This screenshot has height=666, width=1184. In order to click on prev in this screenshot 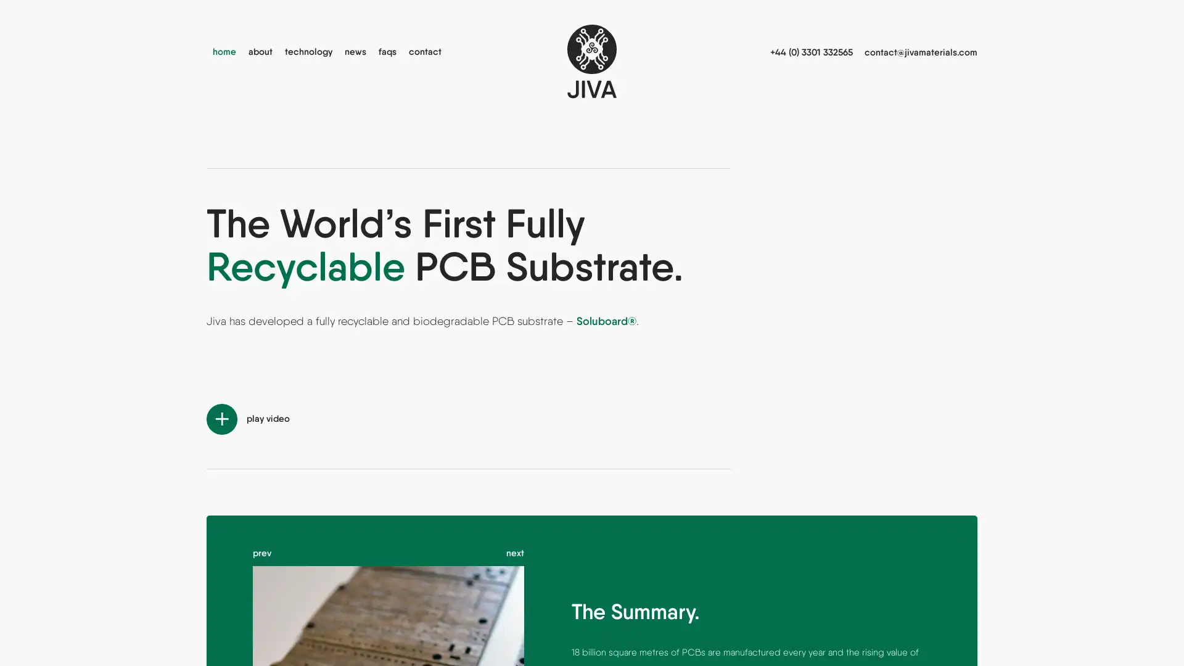, I will do `click(261, 553)`.